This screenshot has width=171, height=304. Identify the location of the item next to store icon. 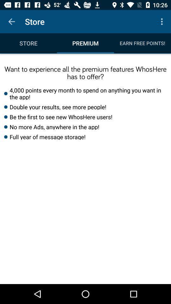
(162, 22).